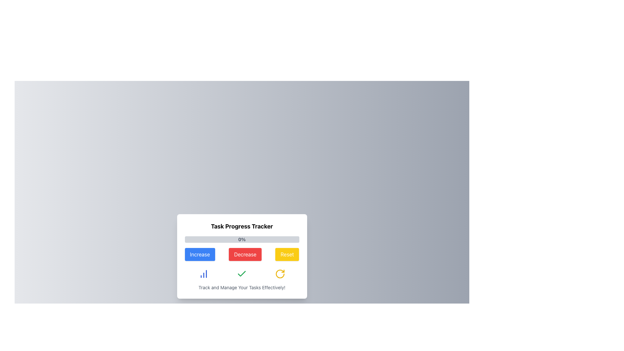  What do you see at coordinates (241, 274) in the screenshot?
I see `the green outlined checkmark icon located below the 'Decrease' button, which is the middle icon in the icon set surrounded by a blue bar chart and a yellow reload symbol` at bounding box center [241, 274].